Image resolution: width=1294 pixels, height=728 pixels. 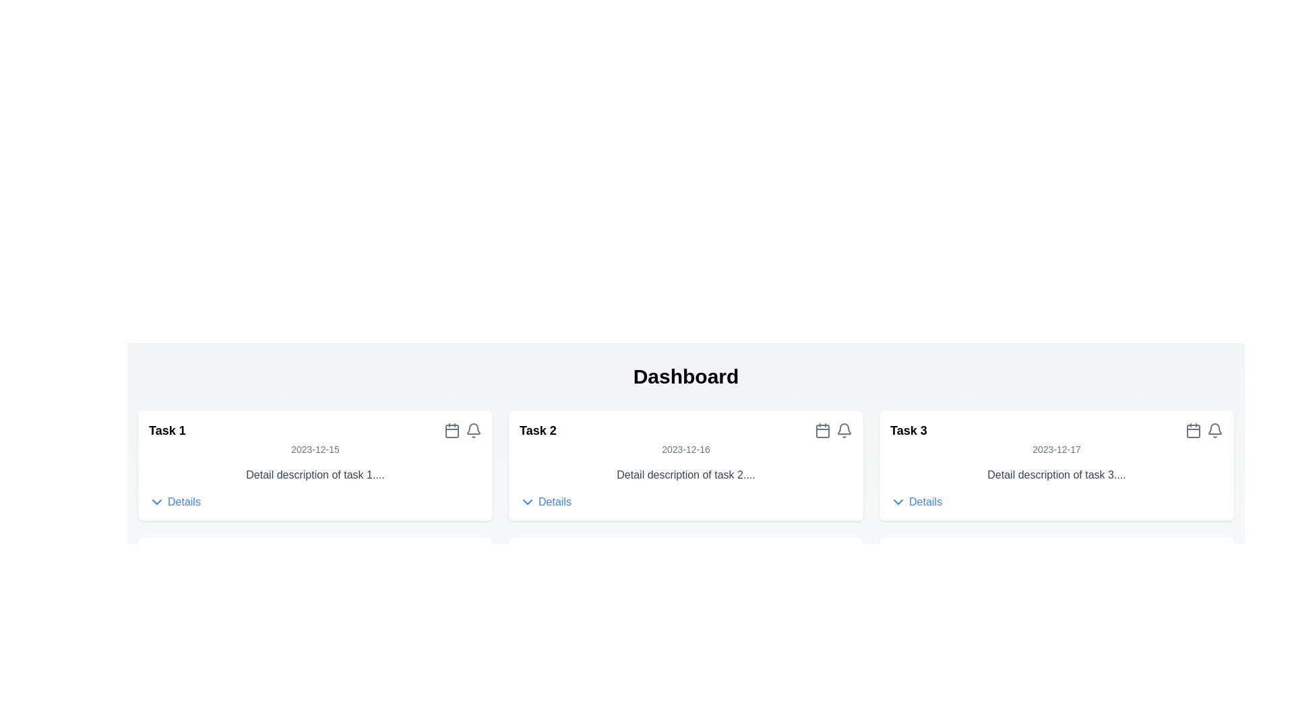 What do you see at coordinates (822, 431) in the screenshot?
I see `the outlined calendar icon with rounded edges, located in the 'Task 2' section` at bounding box center [822, 431].